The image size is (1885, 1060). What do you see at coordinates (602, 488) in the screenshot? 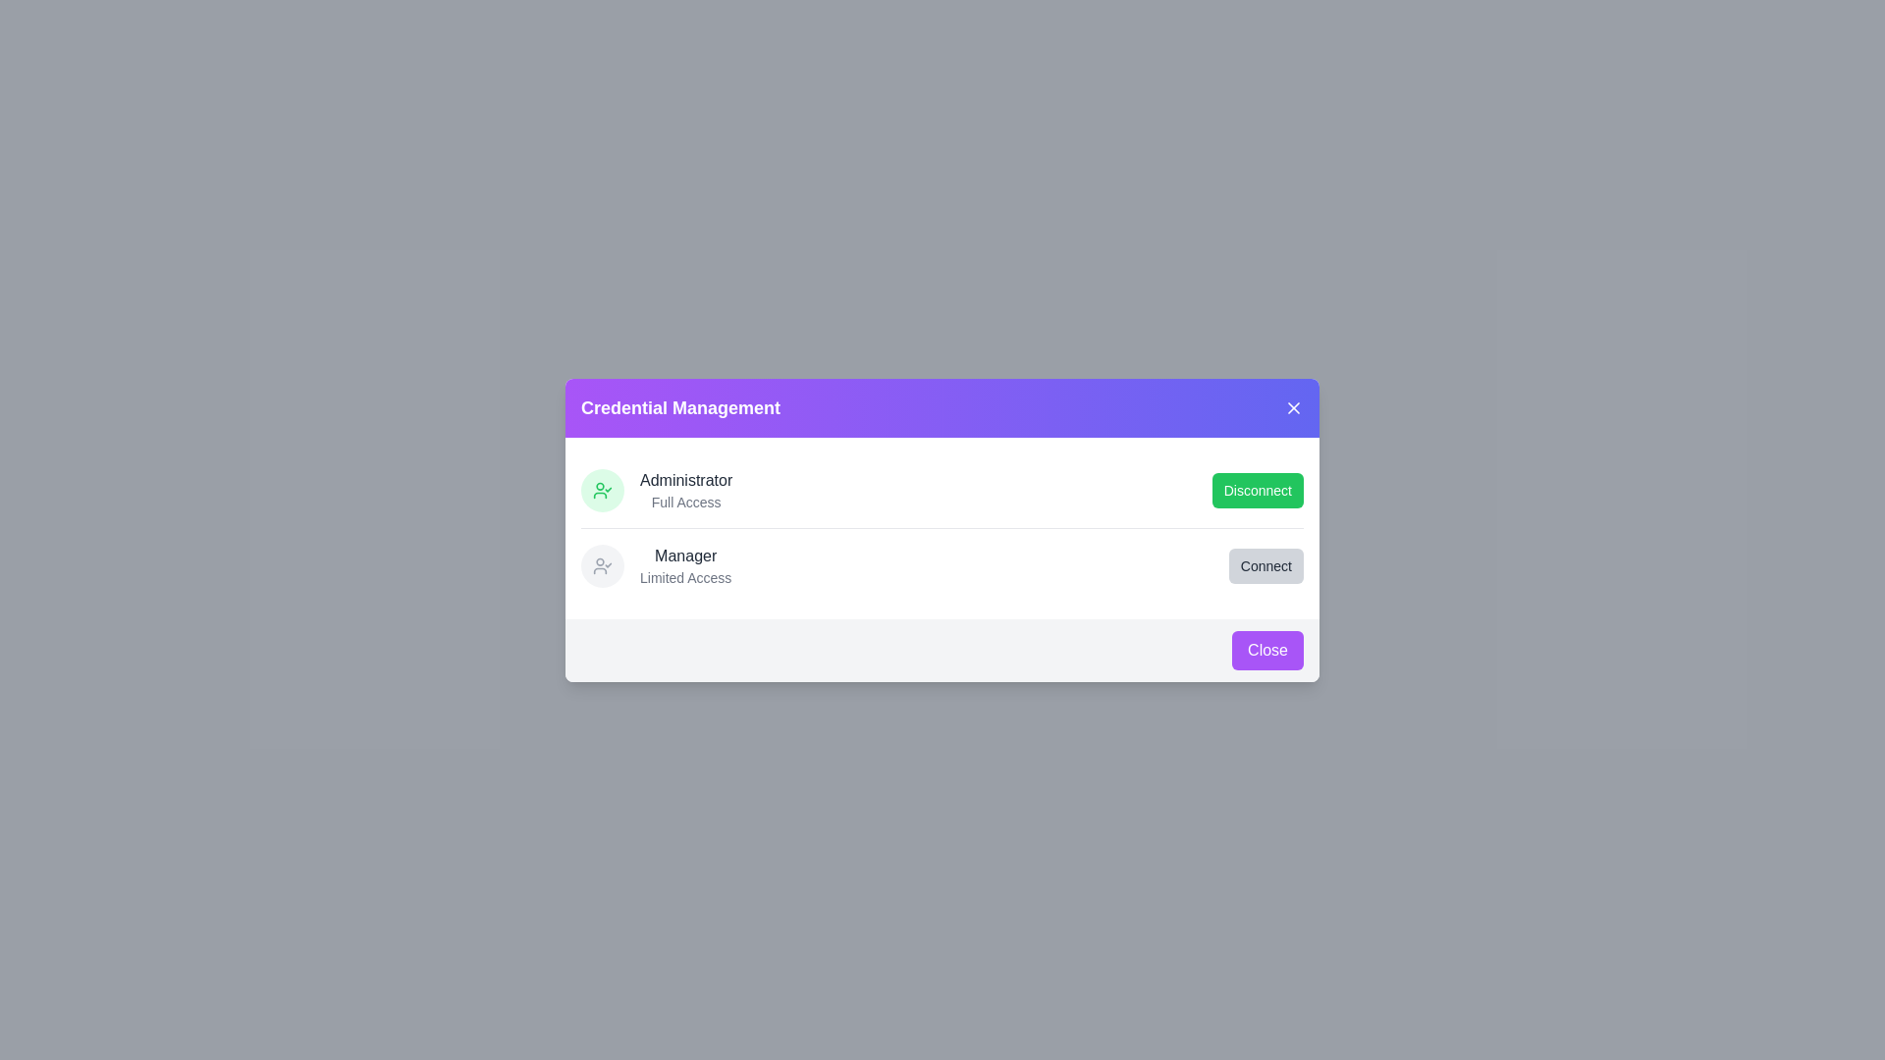
I see `the circular icon with a green outline and a green checkmark, located to the left of the 'Administrator' label` at bounding box center [602, 488].